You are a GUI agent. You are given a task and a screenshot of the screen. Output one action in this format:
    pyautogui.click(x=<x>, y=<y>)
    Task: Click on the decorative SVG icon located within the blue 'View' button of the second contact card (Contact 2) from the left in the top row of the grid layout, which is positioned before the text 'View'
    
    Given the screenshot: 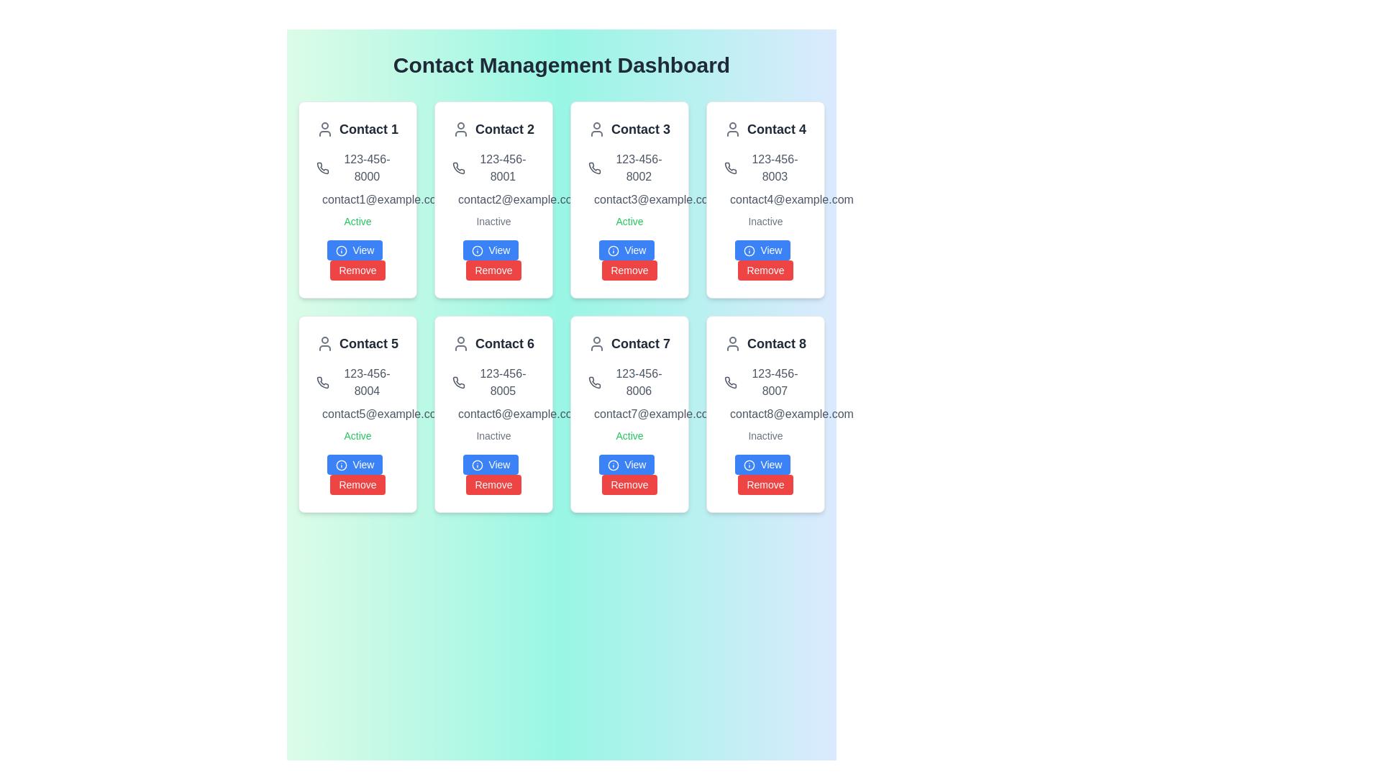 What is the action you would take?
    pyautogui.click(x=477, y=250)
    